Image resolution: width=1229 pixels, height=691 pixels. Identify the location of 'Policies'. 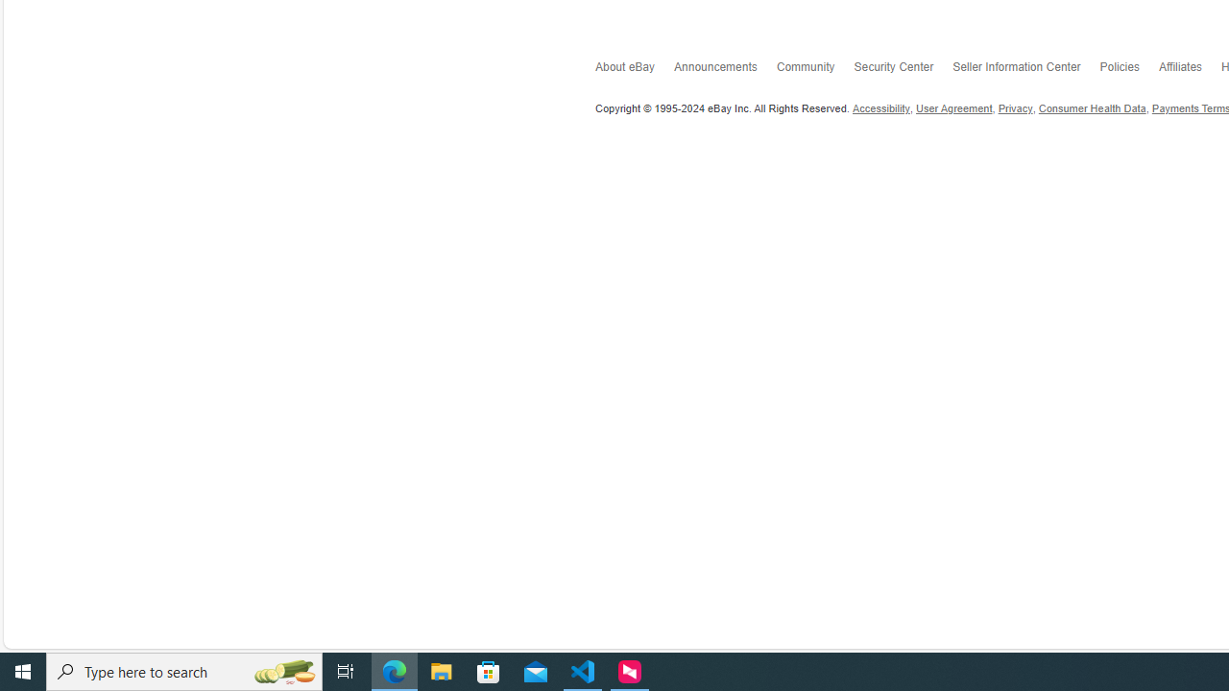
(1129, 70).